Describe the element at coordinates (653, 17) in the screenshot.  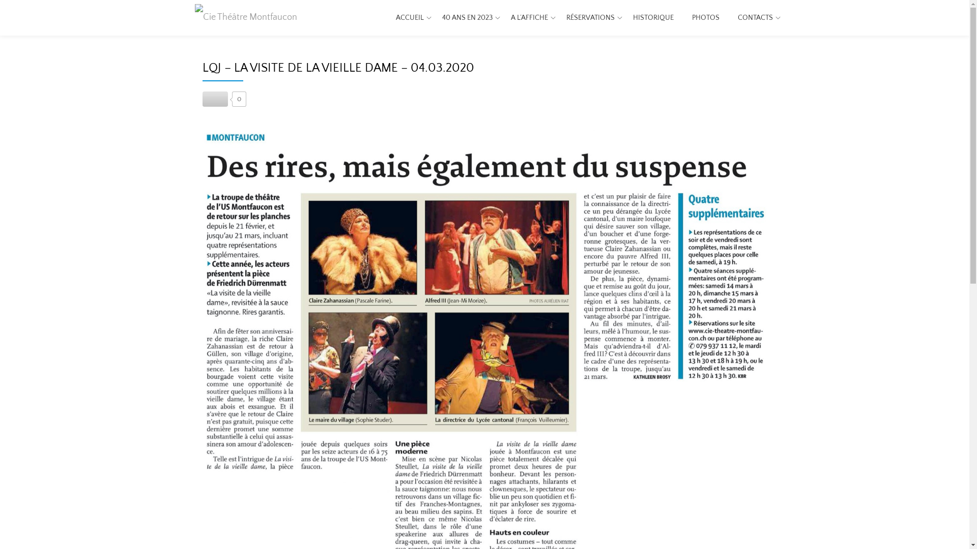
I see `'HISTORIQUE'` at that location.